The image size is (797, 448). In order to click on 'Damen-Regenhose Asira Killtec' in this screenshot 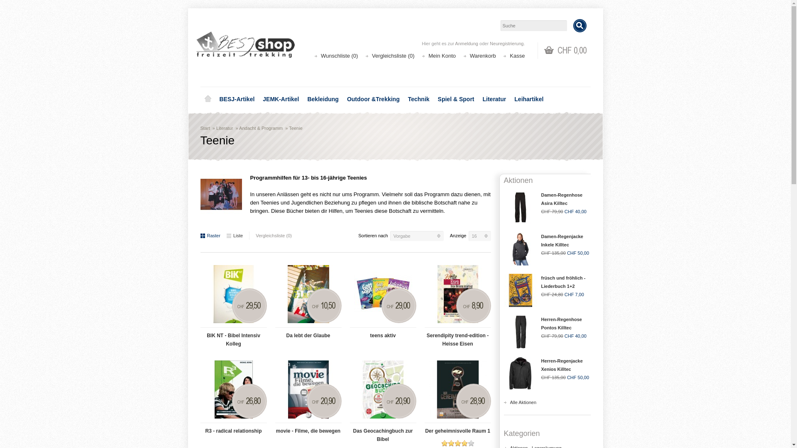, I will do `click(562, 199)`.